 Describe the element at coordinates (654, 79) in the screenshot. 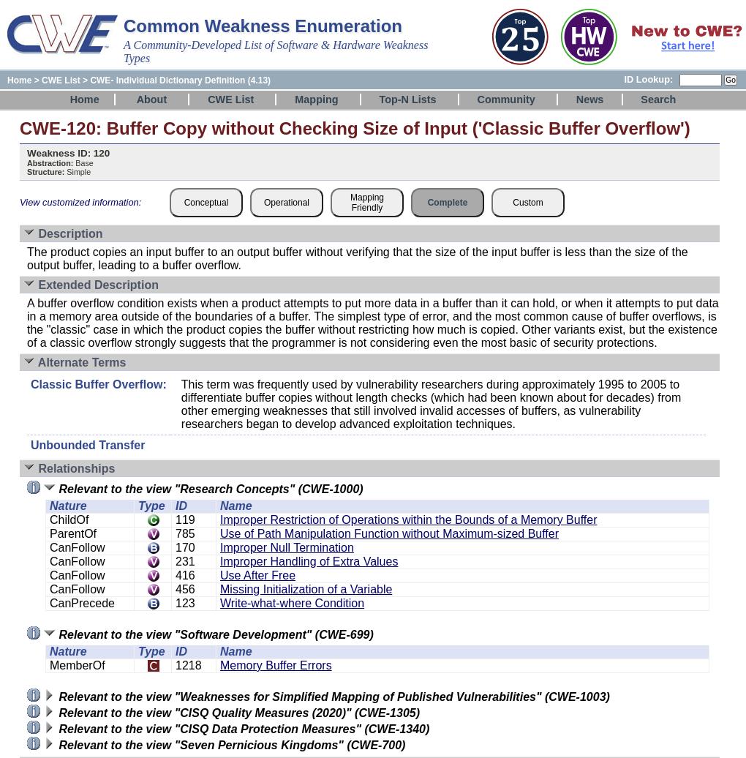

I see `'Lookup:'` at that location.